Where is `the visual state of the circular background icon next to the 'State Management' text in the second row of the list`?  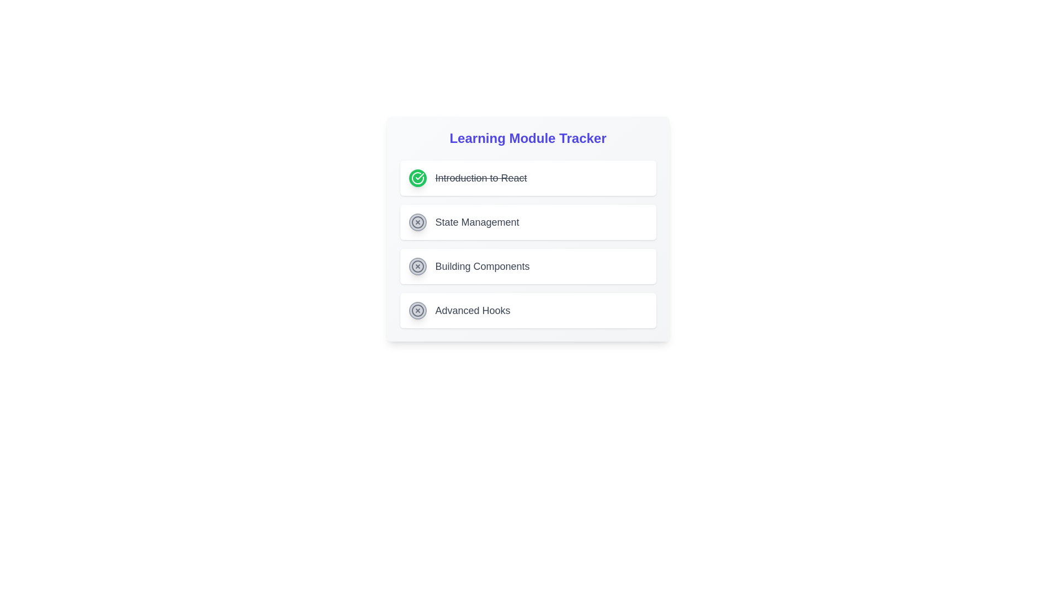 the visual state of the circular background icon next to the 'State Management' text in the second row of the list is located at coordinates (417, 222).